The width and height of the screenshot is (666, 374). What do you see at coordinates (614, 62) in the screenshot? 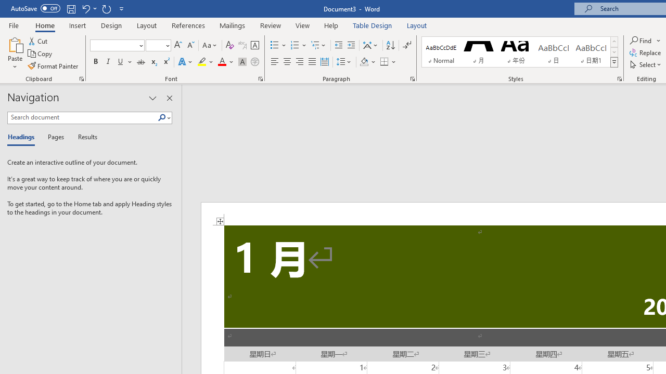
I see `'Styles'` at bounding box center [614, 62].